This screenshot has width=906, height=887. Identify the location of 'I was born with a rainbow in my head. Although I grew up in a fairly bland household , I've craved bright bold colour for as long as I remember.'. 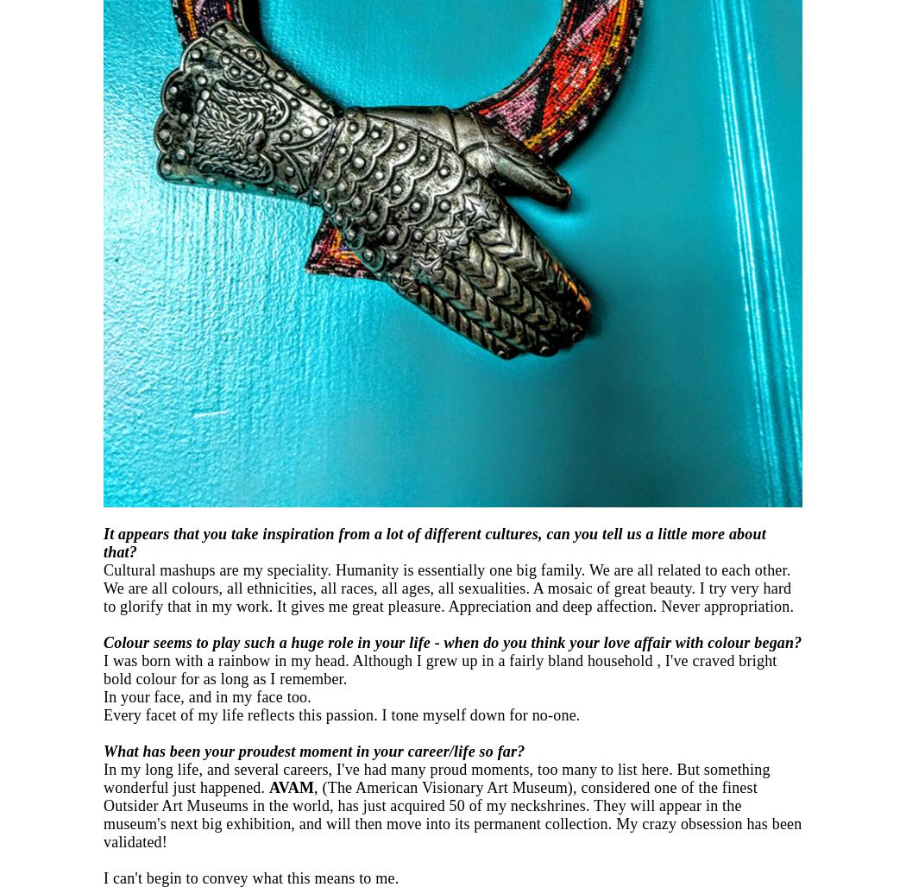
(438, 669).